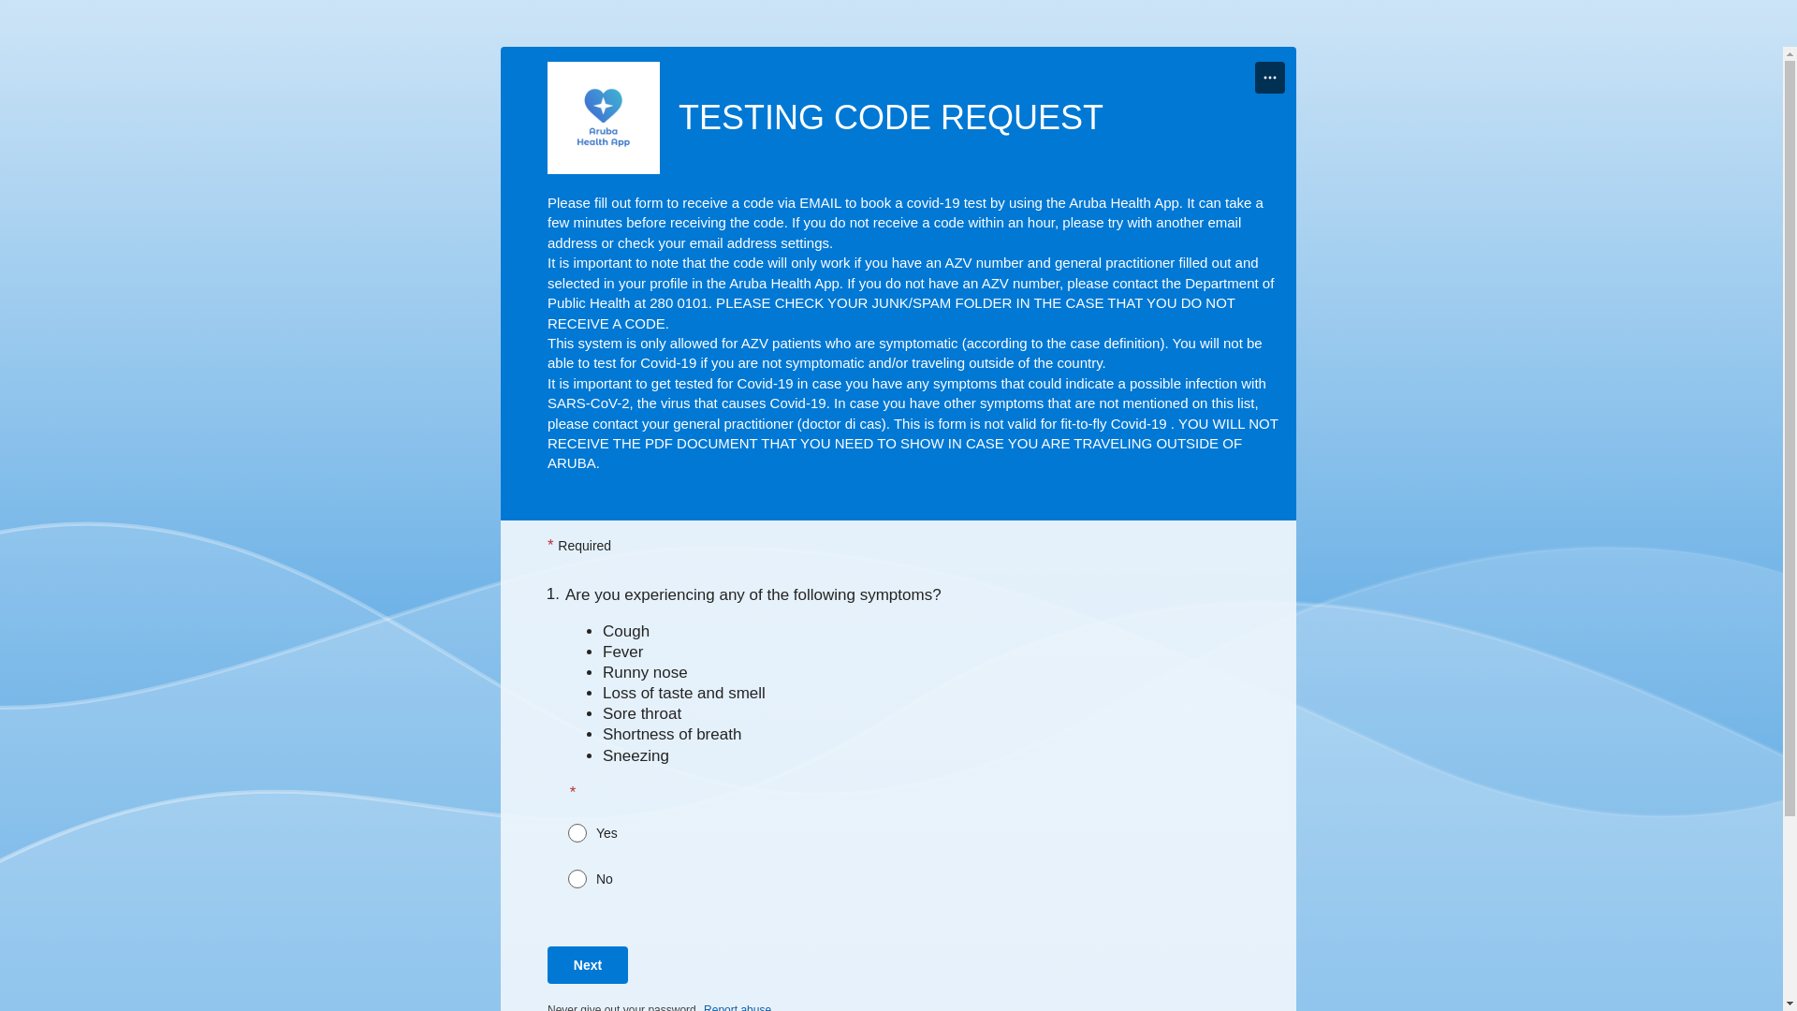 The width and height of the screenshot is (1797, 1011). I want to click on 'Next', so click(587, 964).